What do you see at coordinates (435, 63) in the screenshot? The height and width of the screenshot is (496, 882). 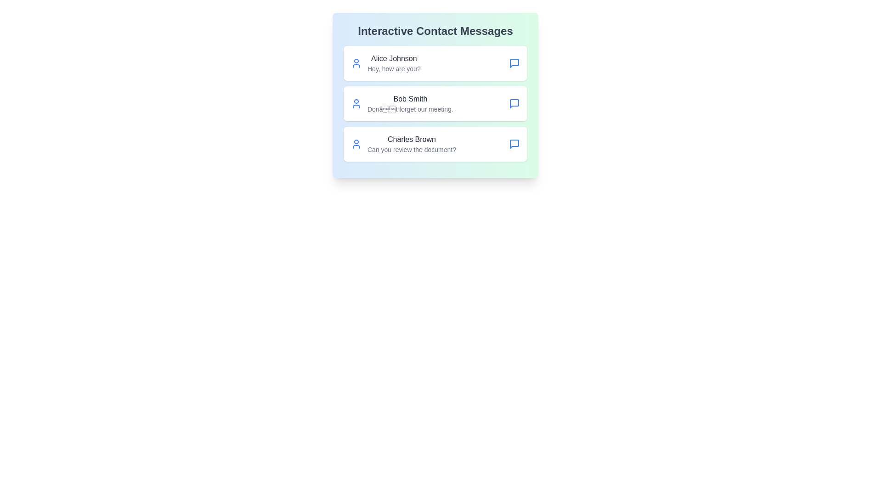 I see `the contact Alice Johnson from the list` at bounding box center [435, 63].